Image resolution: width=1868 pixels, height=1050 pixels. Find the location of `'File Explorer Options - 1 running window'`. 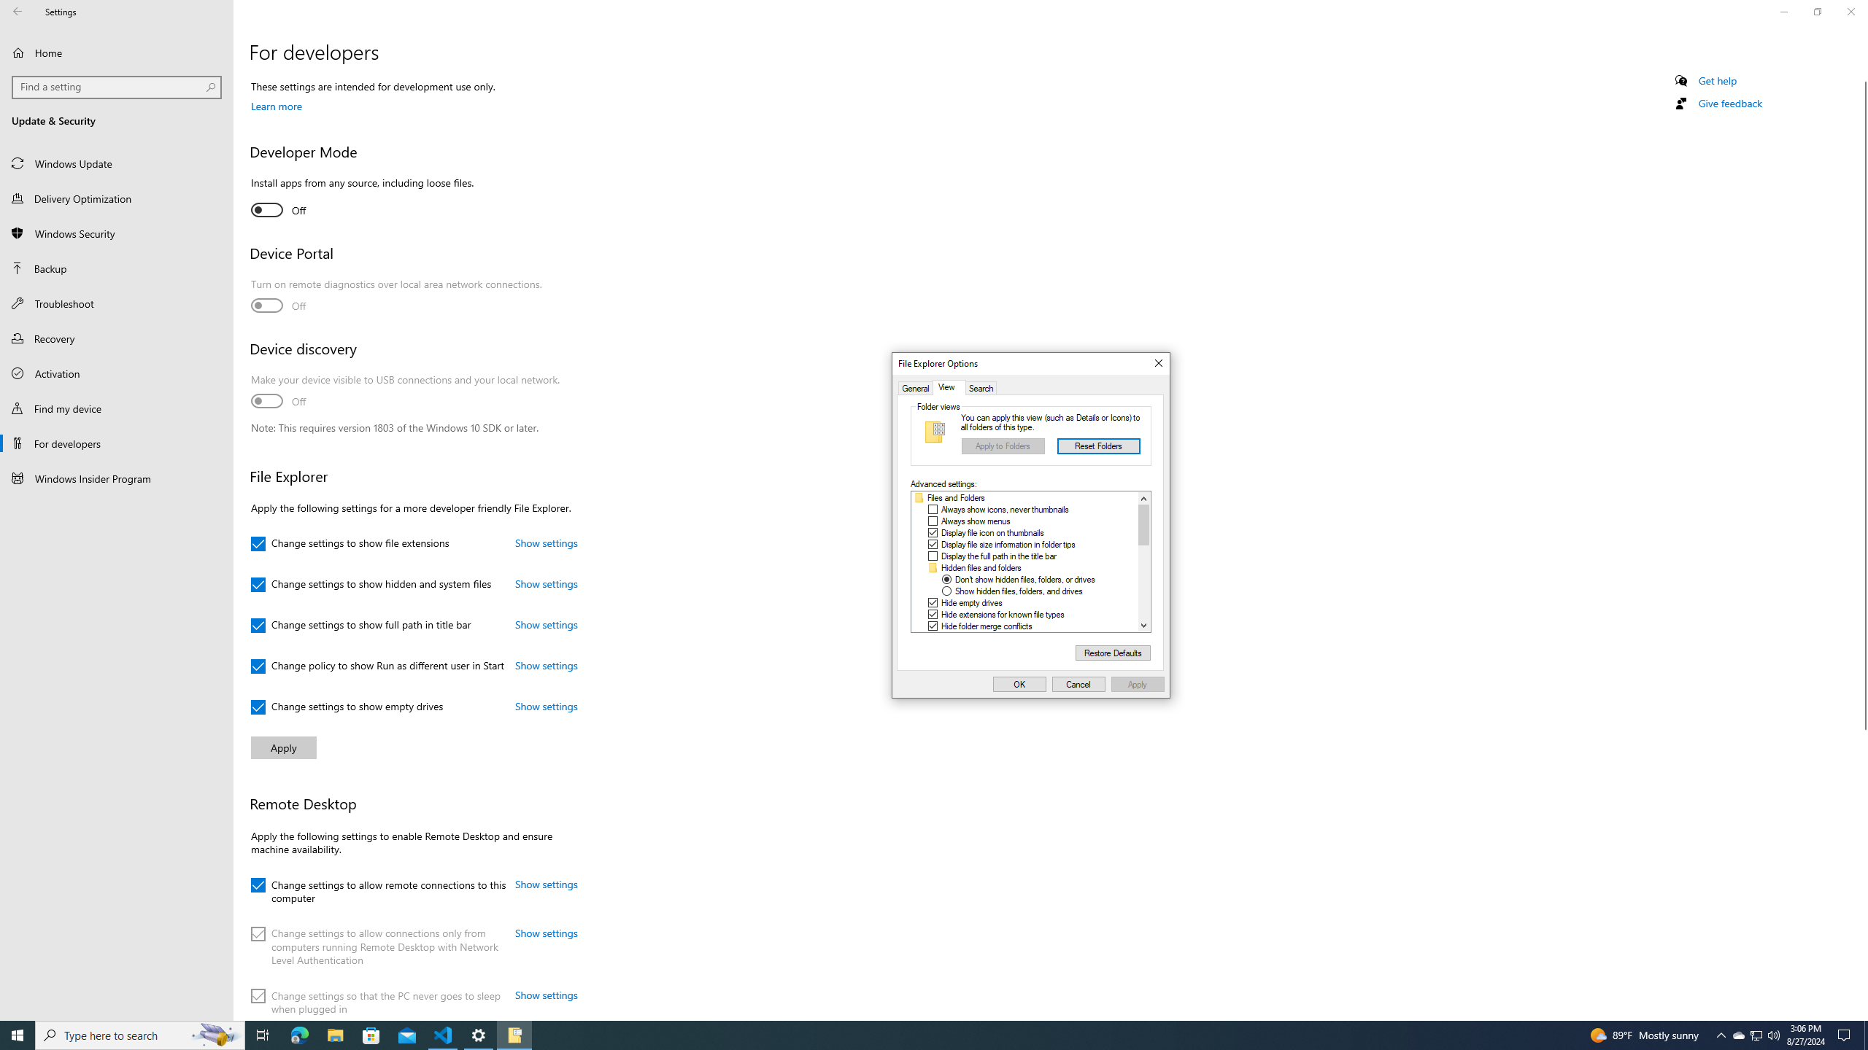

'File Explorer Options - 1 running window' is located at coordinates (514, 1034).